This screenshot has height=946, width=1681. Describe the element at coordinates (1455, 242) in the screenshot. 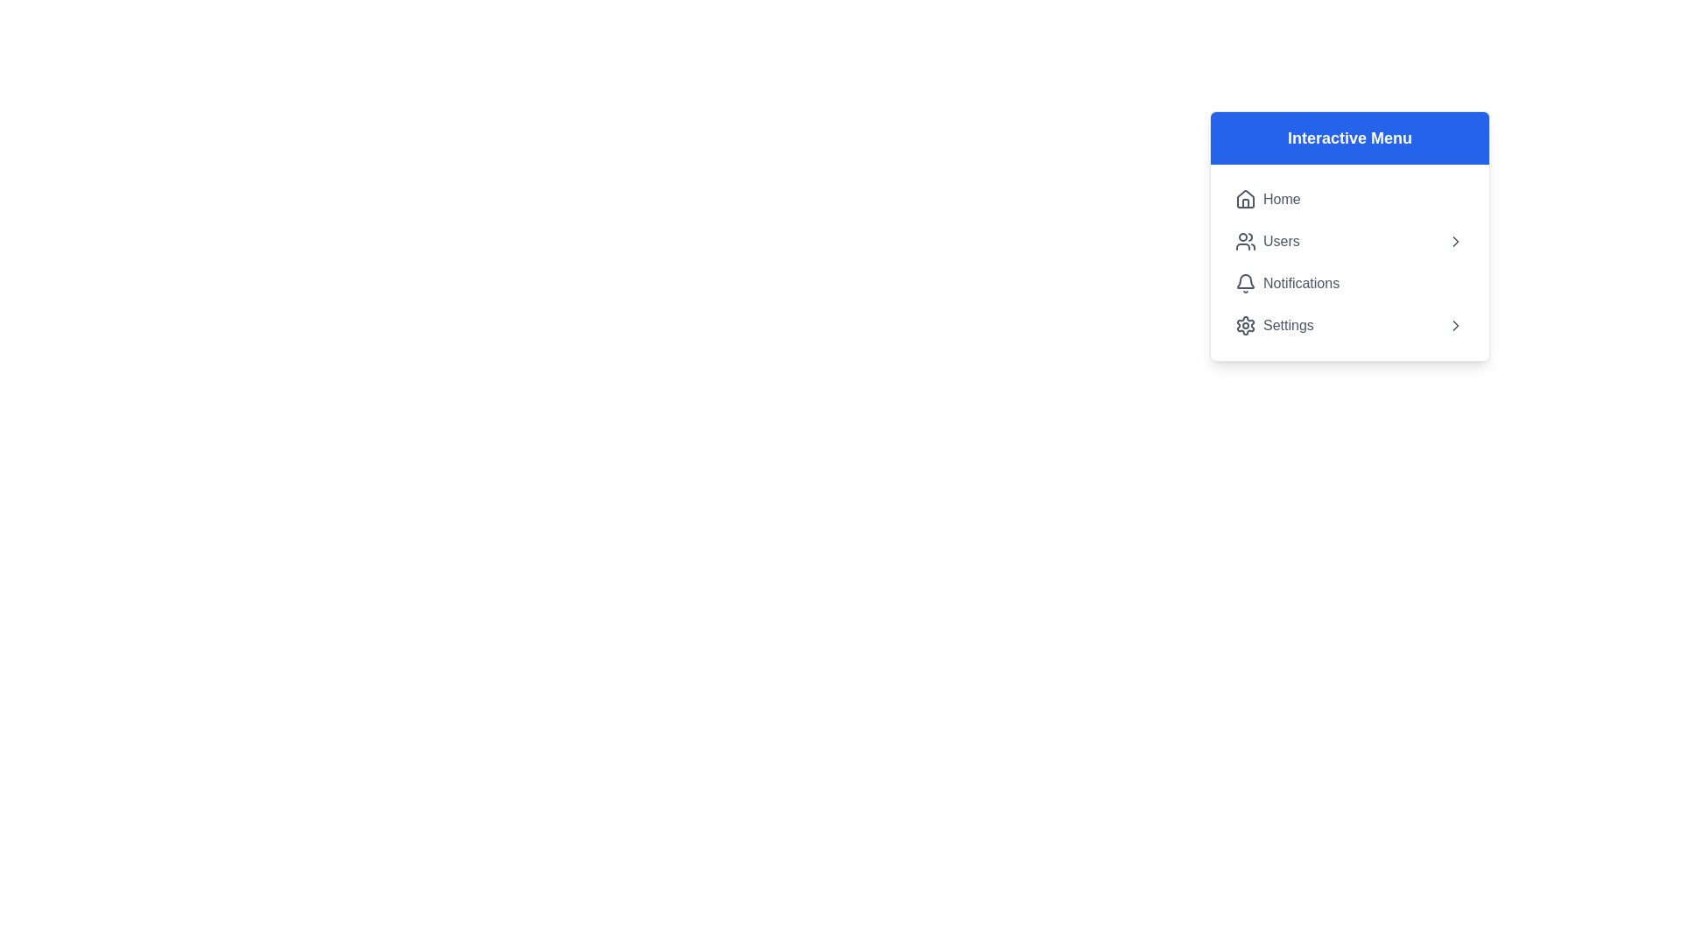

I see `the right-pointing chevron icon located to the far-right of the 'Users' menu item in the interactive menu section` at that location.